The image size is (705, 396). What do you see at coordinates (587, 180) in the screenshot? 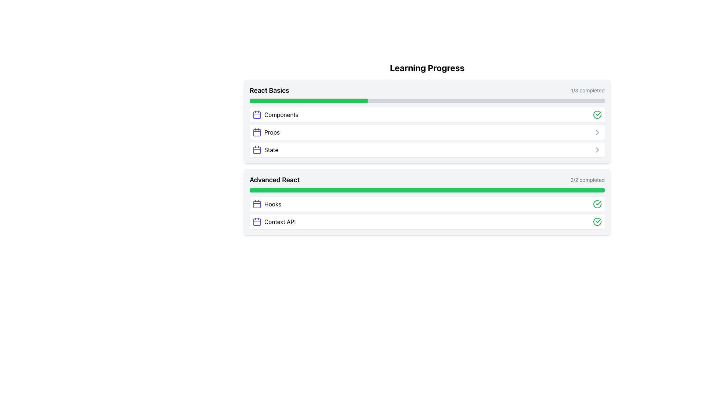
I see `text displayed on the completion status label for the 'Advanced React' module, which indicates that 2 out of 2 tasks have been completed` at bounding box center [587, 180].